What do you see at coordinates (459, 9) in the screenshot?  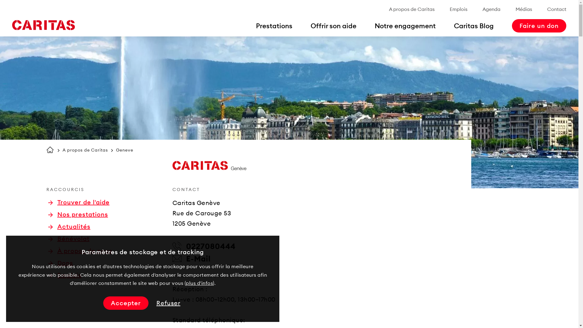 I see `'Emplois'` at bounding box center [459, 9].